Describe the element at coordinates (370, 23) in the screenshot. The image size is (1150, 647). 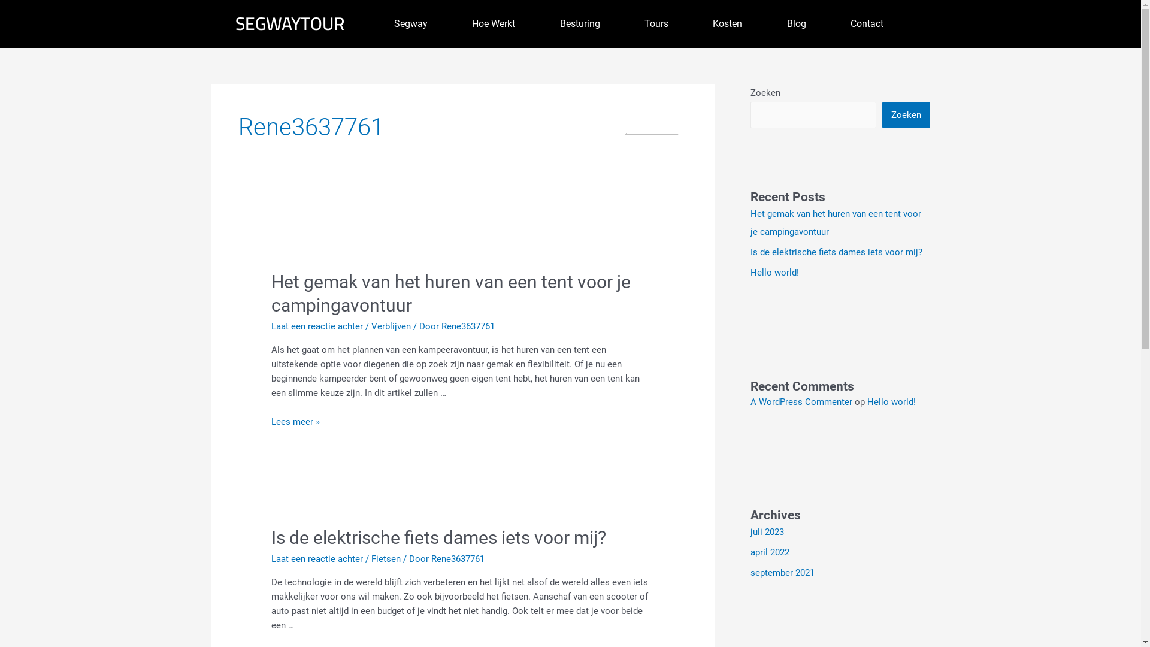
I see `'Segway'` at that location.